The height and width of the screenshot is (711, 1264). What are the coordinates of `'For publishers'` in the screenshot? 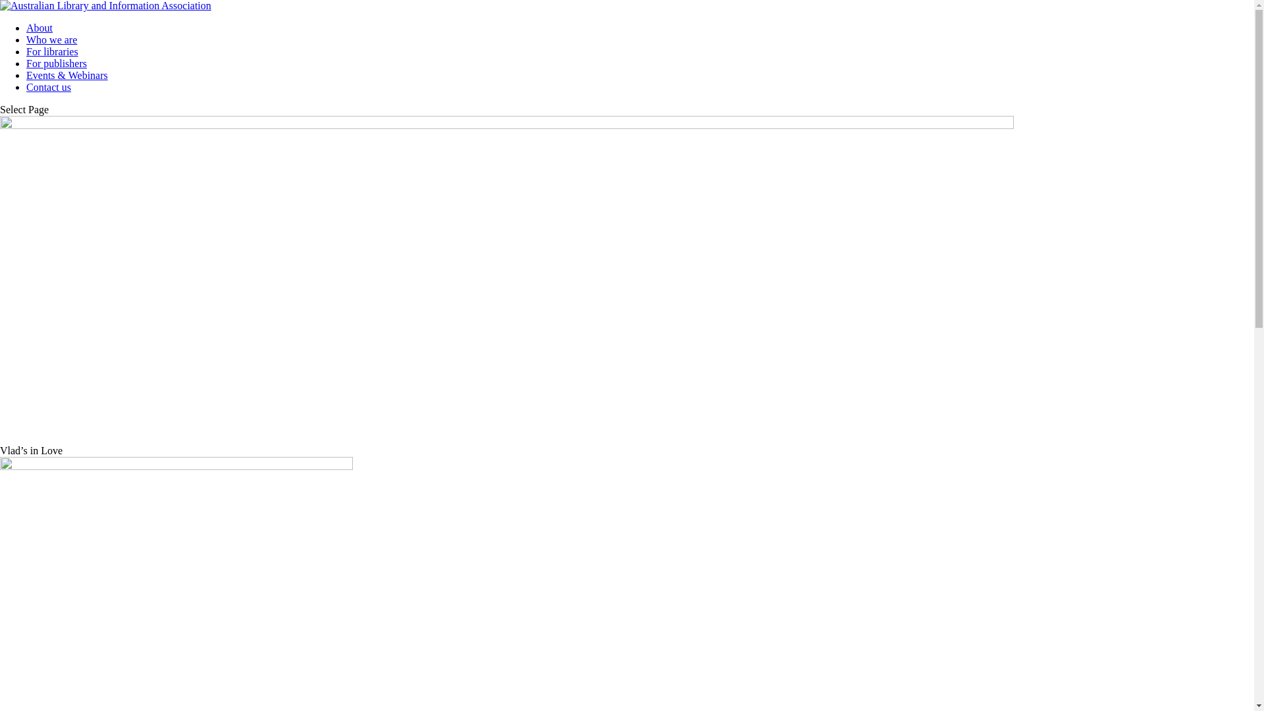 It's located at (56, 63).